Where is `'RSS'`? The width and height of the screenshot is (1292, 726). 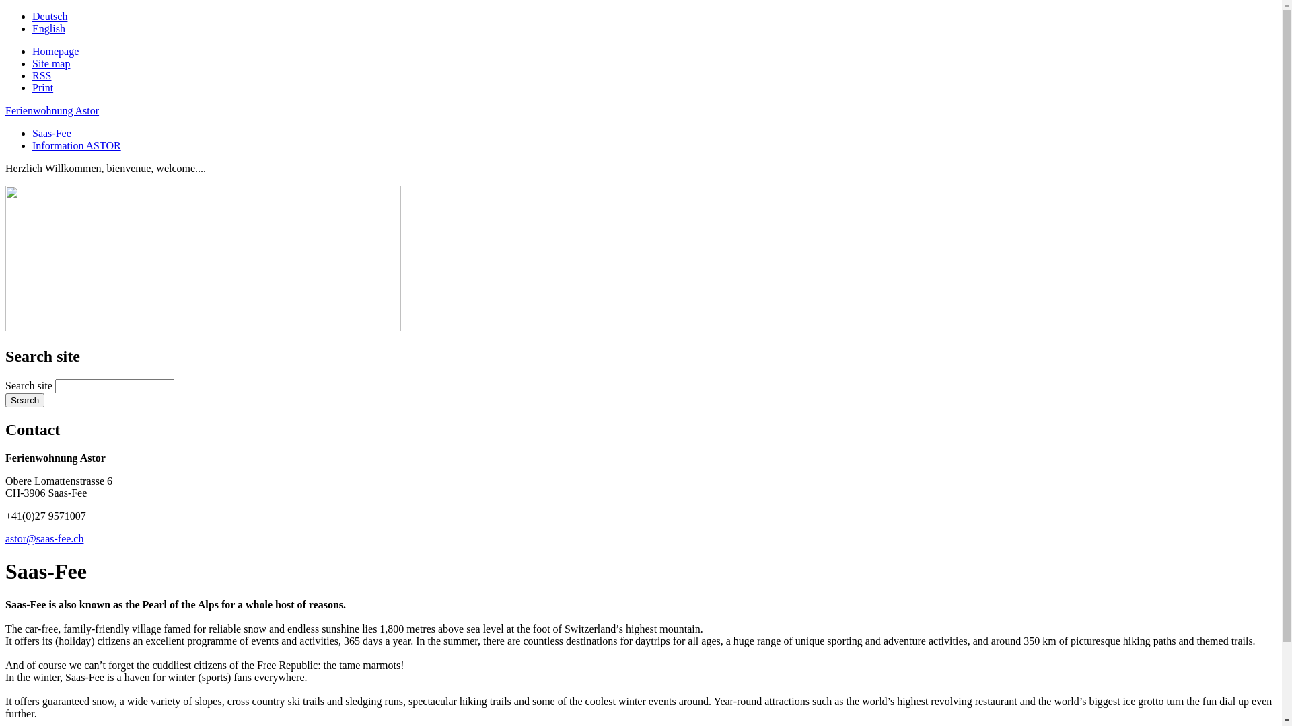 'RSS' is located at coordinates (42, 75).